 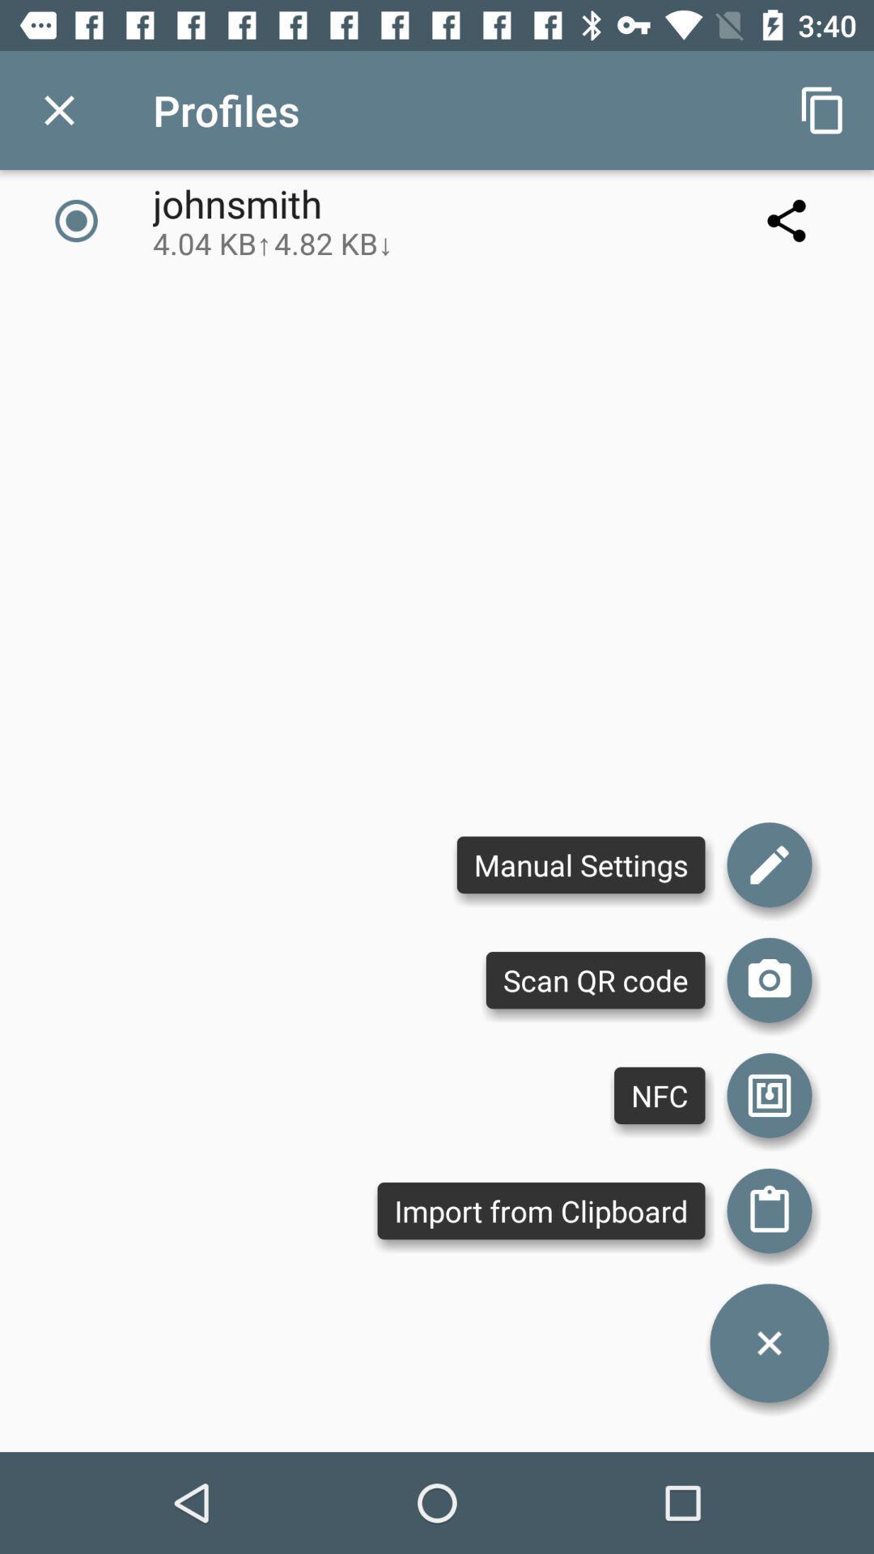 What do you see at coordinates (769, 1095) in the screenshot?
I see `scan nfc` at bounding box center [769, 1095].